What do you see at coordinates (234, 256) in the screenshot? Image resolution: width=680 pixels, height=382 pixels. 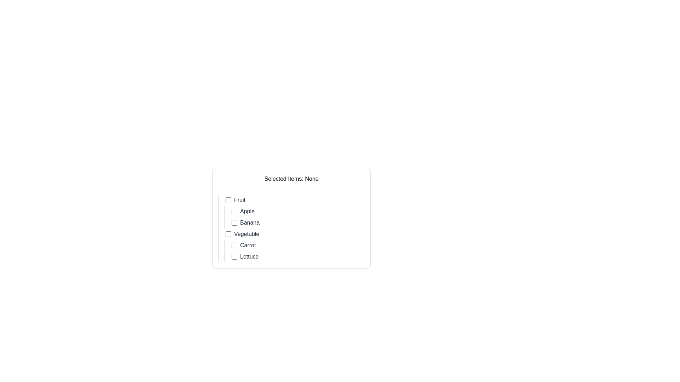 I see `the checkbox for the item labeled 'Lettuce' located at the bottom of the hierarchical checklist under 'Vegetable.'` at bounding box center [234, 256].